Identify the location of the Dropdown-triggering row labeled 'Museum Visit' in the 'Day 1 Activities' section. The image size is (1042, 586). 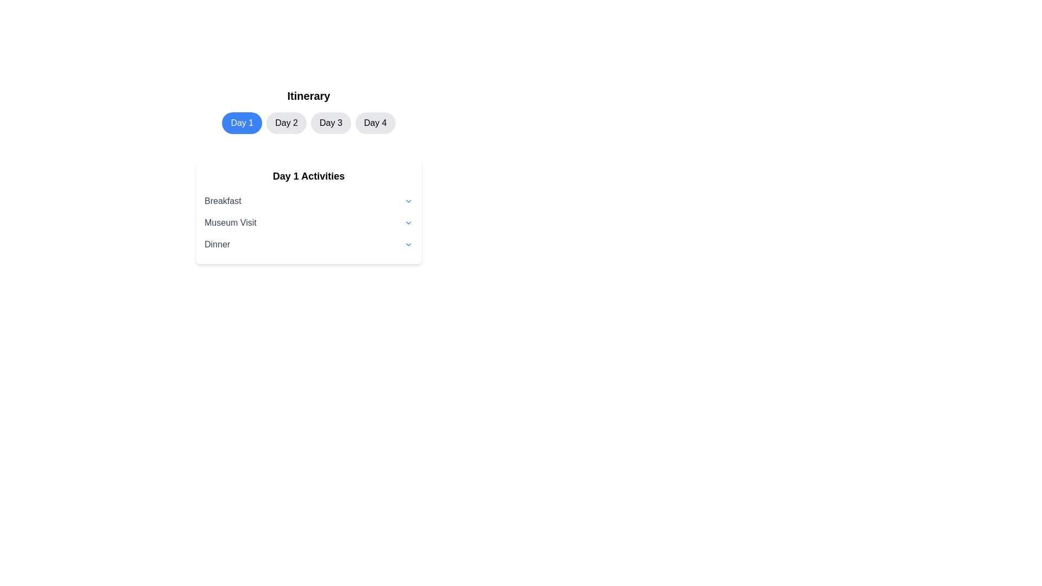
(308, 222).